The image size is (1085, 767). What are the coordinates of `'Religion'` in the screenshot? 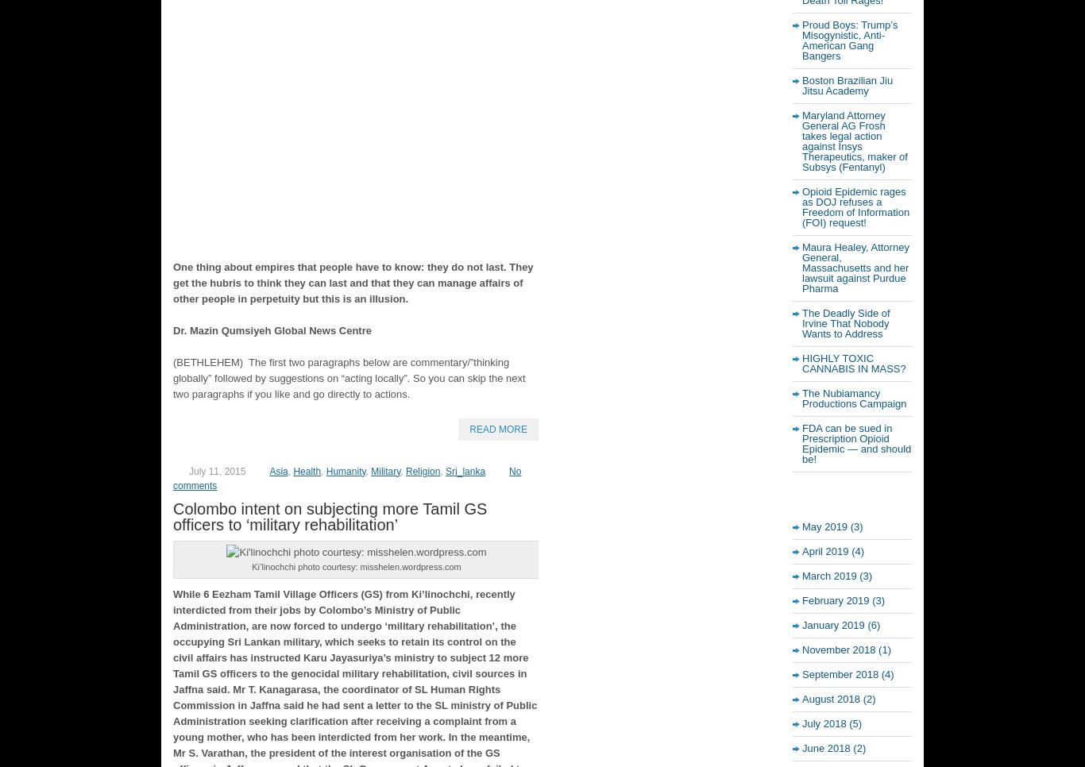 It's located at (423, 471).